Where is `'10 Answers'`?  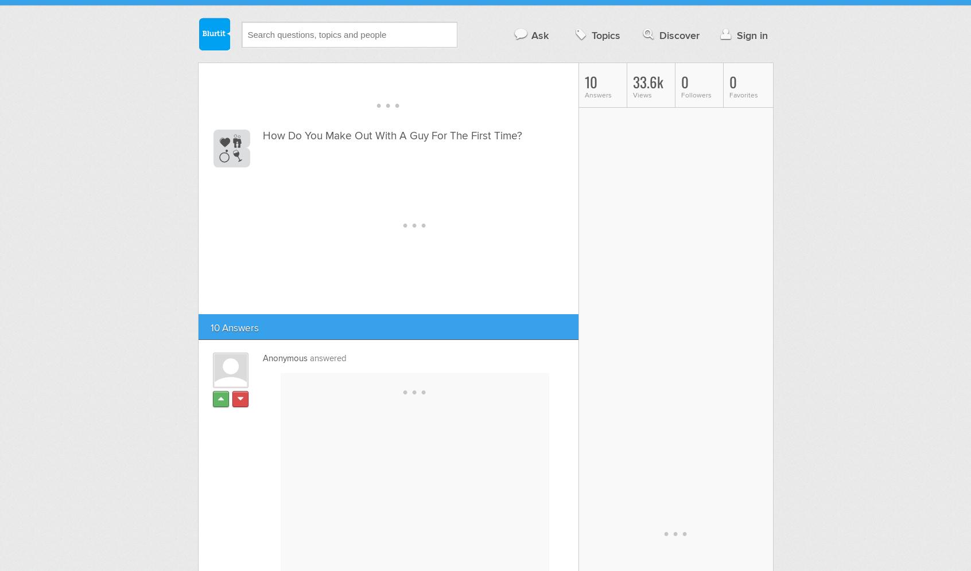 '10 Answers' is located at coordinates (234, 327).